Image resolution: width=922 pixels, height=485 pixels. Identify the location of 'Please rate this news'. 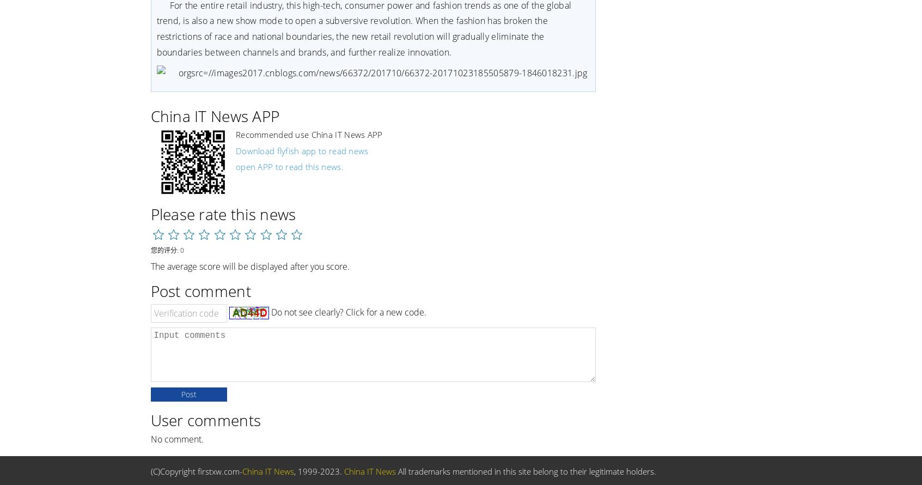
(222, 213).